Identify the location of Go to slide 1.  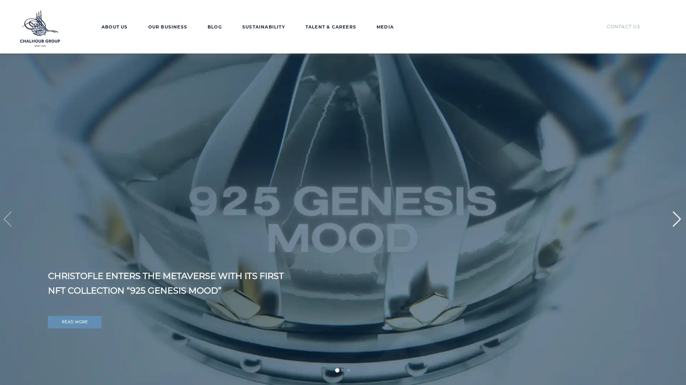
(337, 370).